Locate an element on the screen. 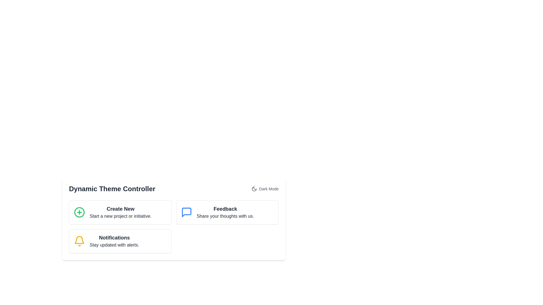 The height and width of the screenshot is (305, 543). the 'Dark Mode' text label that indicates the functionality of the adjacent toggle for enabling or disabling dark mode in the application is located at coordinates (268, 189).